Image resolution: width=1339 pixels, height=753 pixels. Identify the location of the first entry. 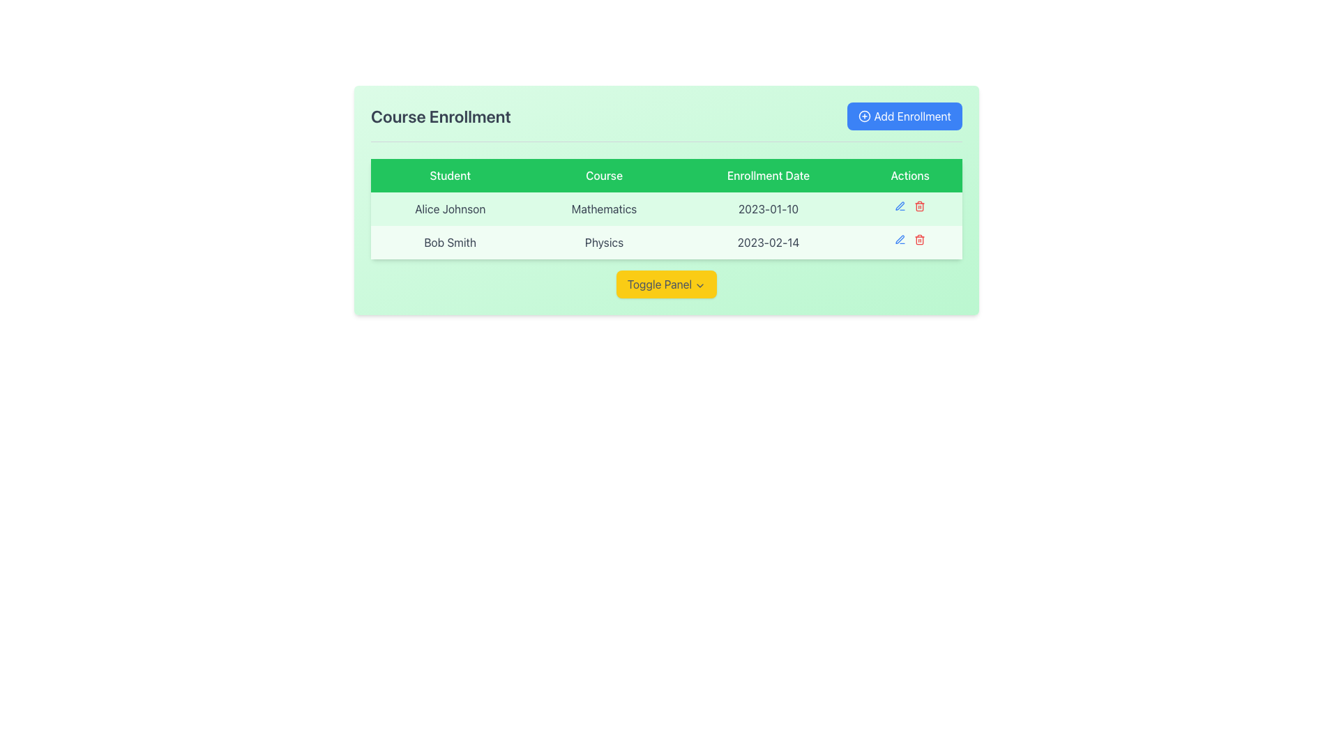
(665, 200).